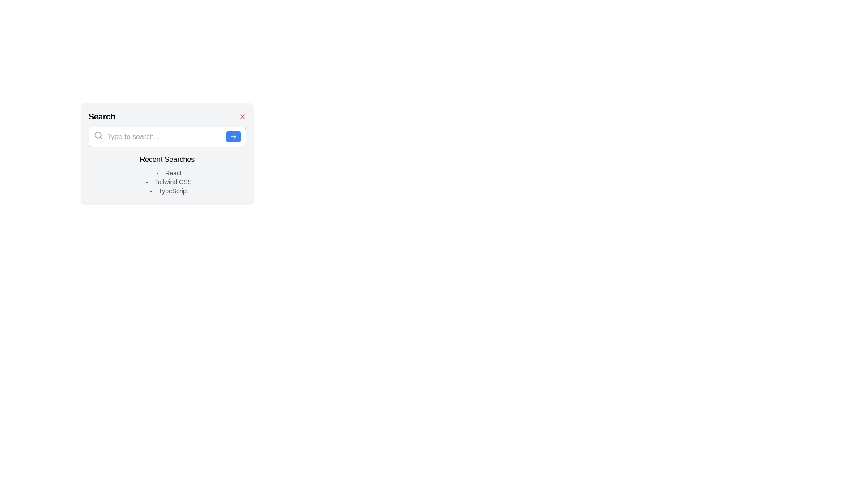  What do you see at coordinates (167, 182) in the screenshot?
I see `an individual item in the Bullet list located in the 'Recent Searches' section` at bounding box center [167, 182].